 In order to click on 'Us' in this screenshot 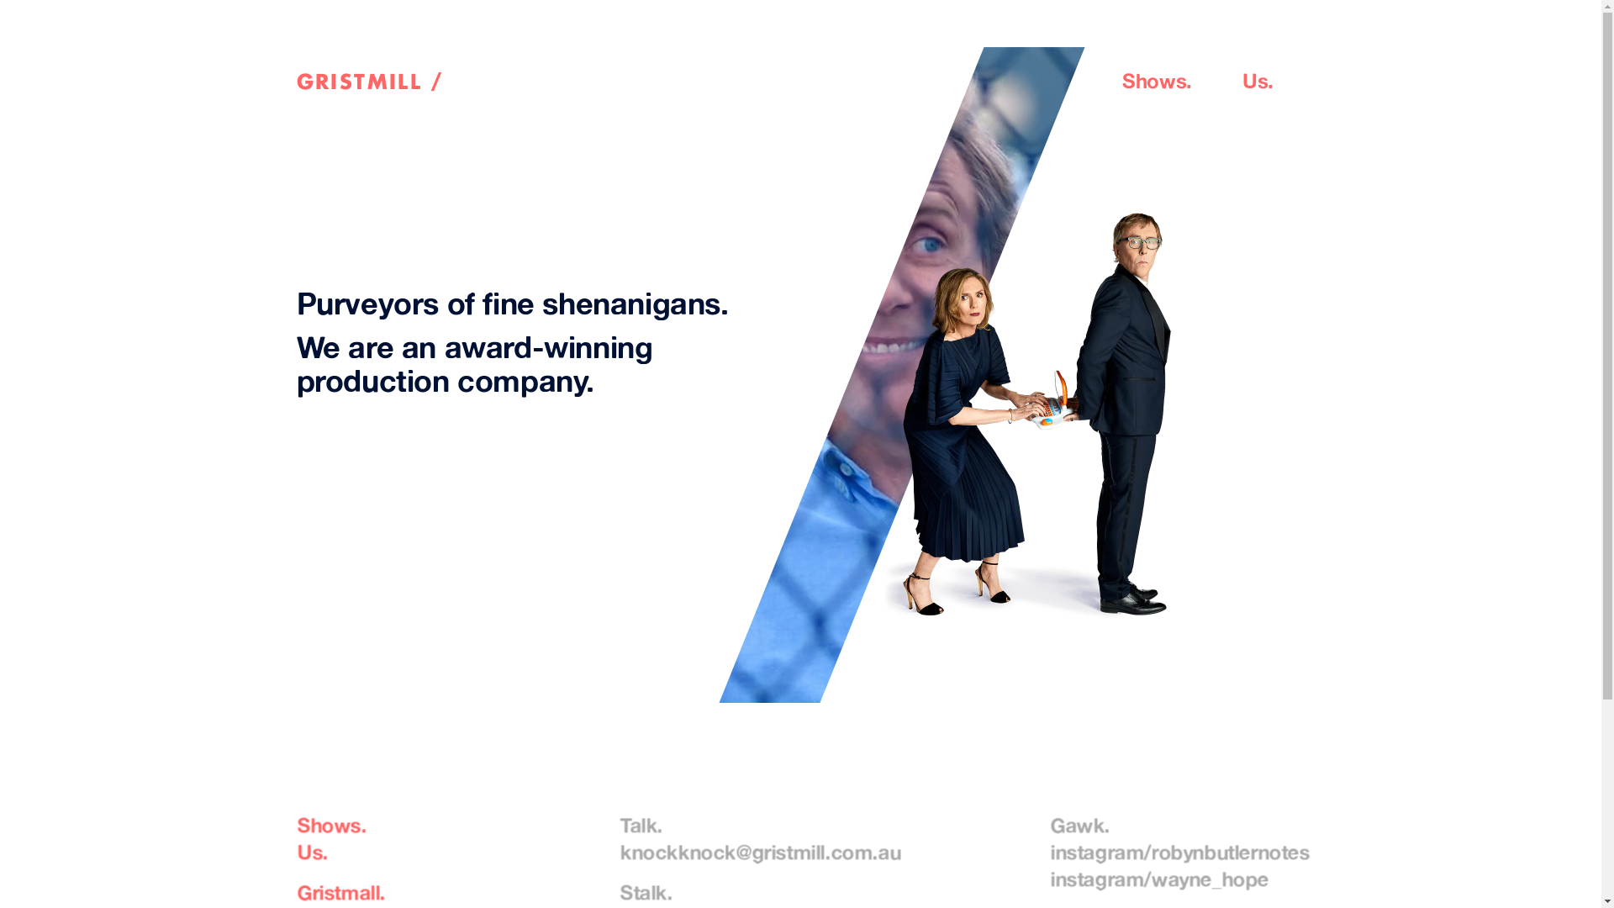, I will do `click(1254, 81)`.